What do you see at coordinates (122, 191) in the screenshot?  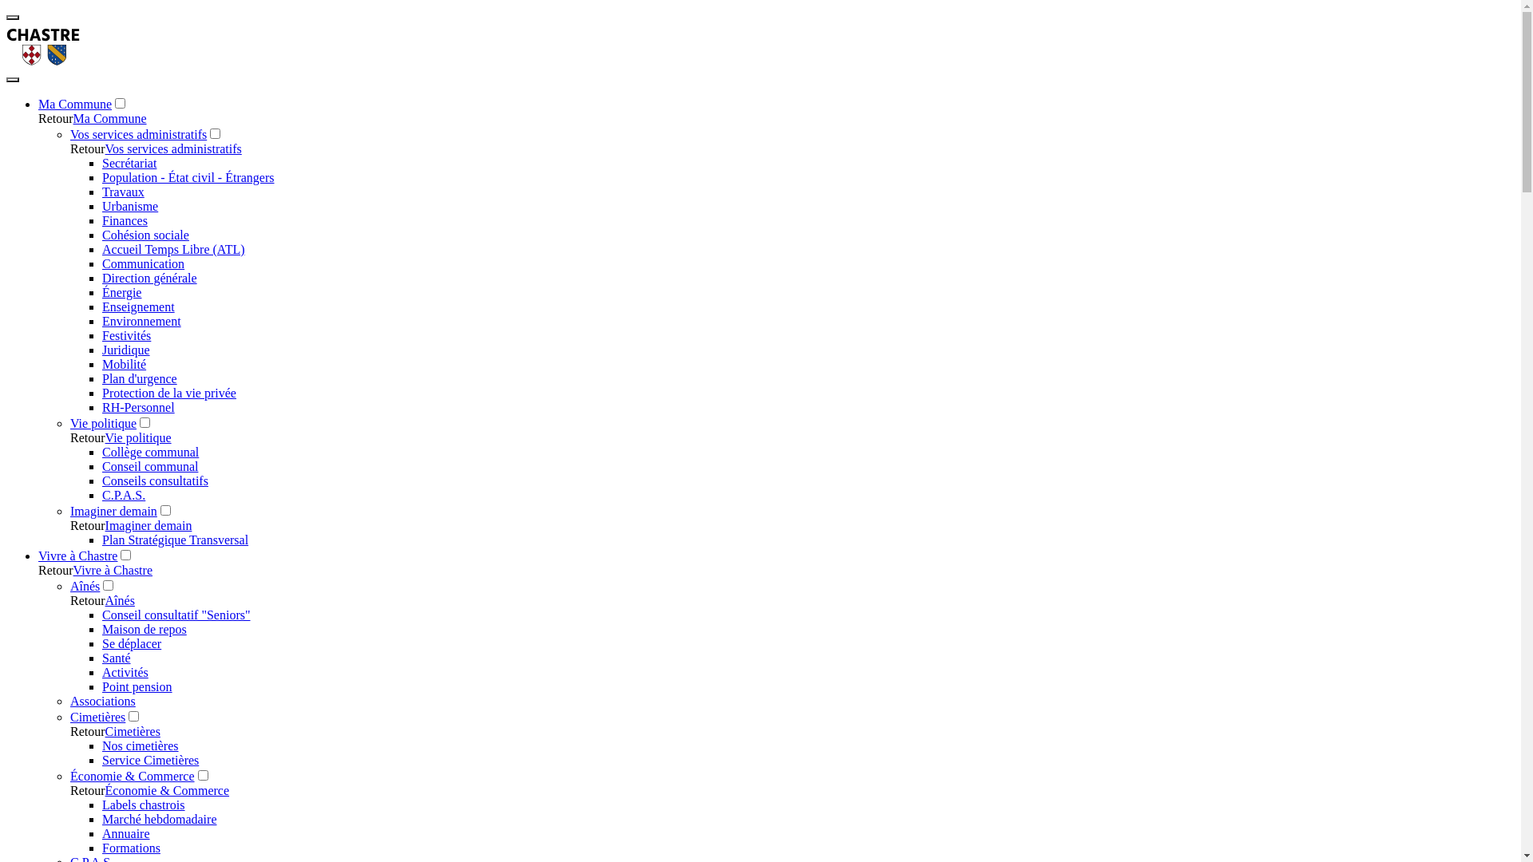 I see `'Travaux'` at bounding box center [122, 191].